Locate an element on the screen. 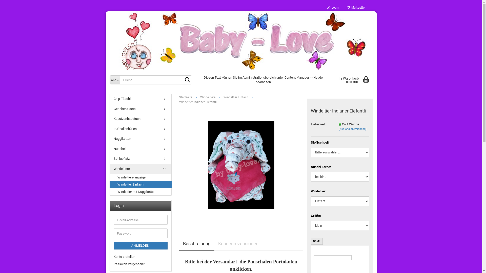 This screenshot has height=273, width=486. 'Windeltier mit Nuggikette' is located at coordinates (140, 192).